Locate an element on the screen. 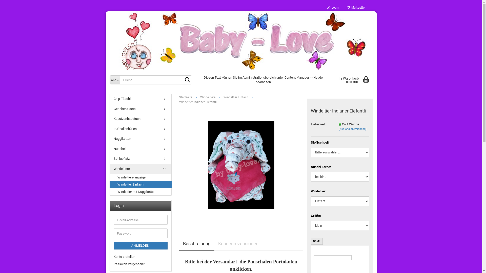 This screenshot has height=273, width=486. 'Windeltier mit Nuggikette' is located at coordinates (140, 192).